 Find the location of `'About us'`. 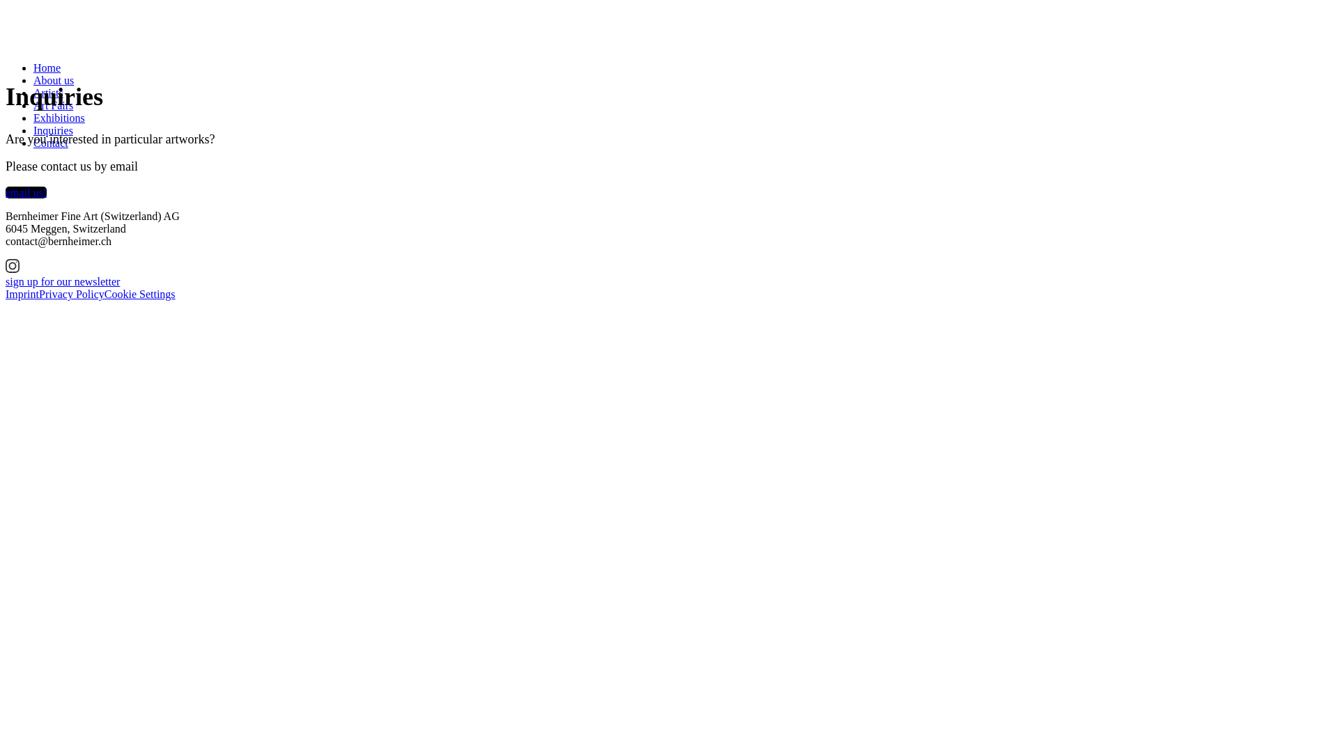

'About us' is located at coordinates (53, 80).